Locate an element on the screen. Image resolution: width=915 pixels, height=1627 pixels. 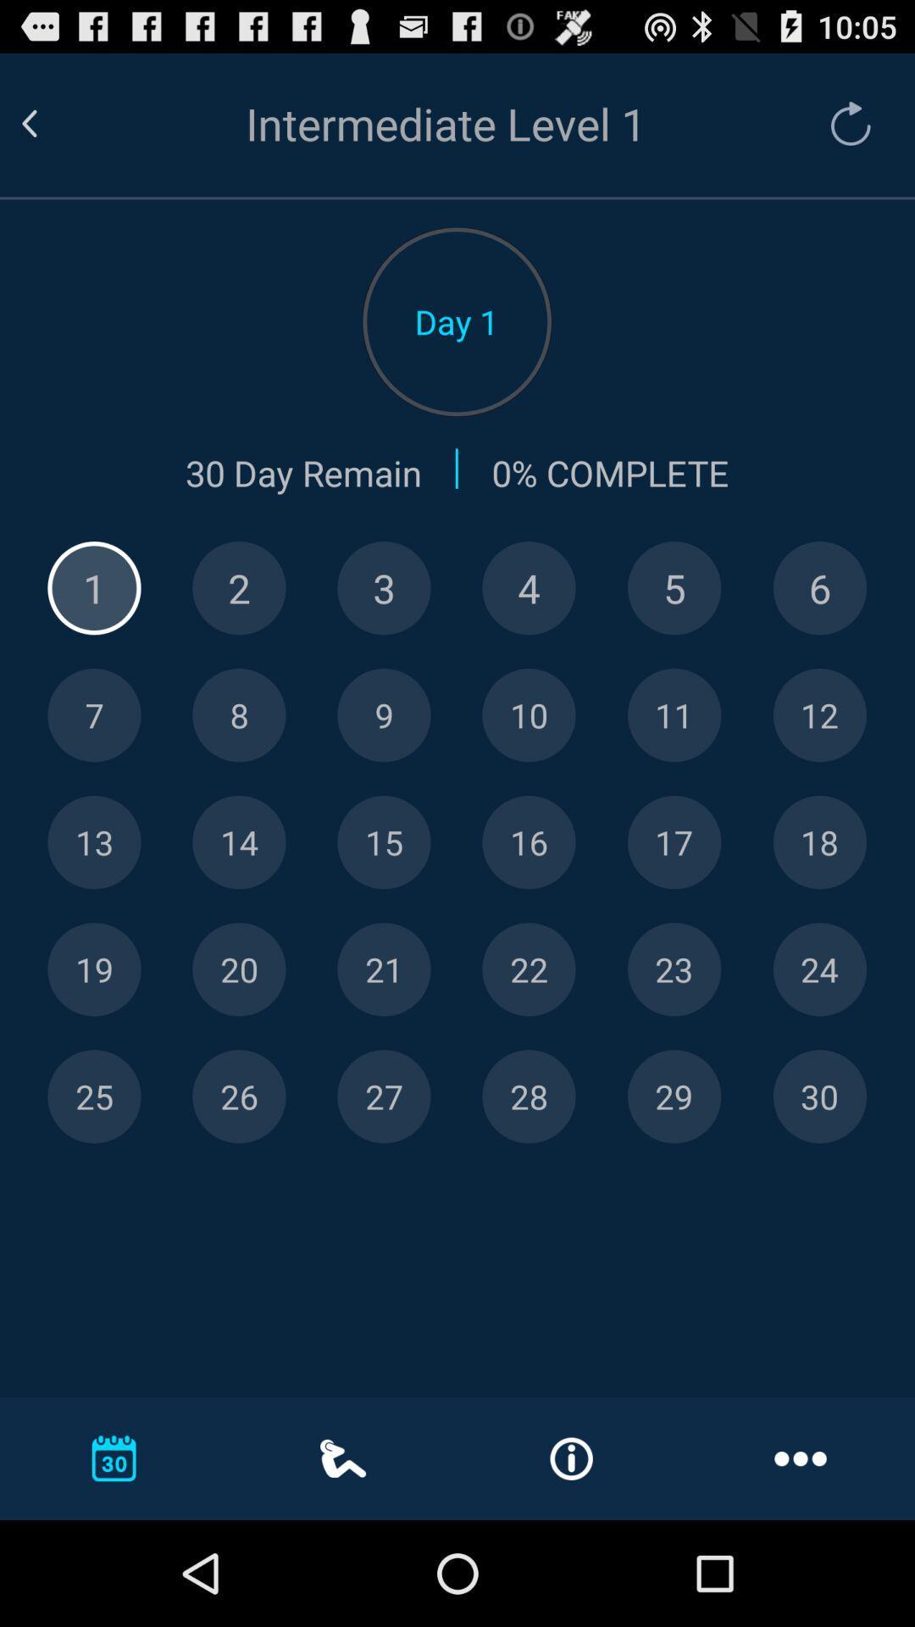
choose 9 is located at coordinates (384, 715).